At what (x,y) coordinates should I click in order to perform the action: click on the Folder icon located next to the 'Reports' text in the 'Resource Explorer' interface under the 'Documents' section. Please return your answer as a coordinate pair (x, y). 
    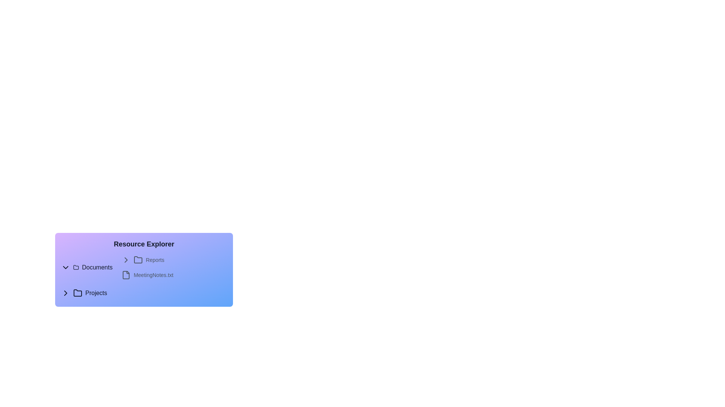
    Looking at the image, I should click on (76, 267).